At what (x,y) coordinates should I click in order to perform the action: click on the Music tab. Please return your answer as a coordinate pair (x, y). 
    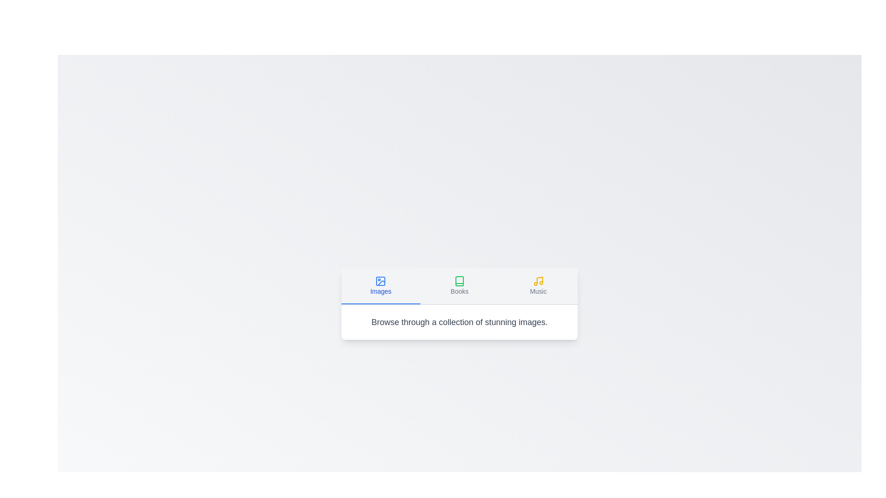
    Looking at the image, I should click on (538, 285).